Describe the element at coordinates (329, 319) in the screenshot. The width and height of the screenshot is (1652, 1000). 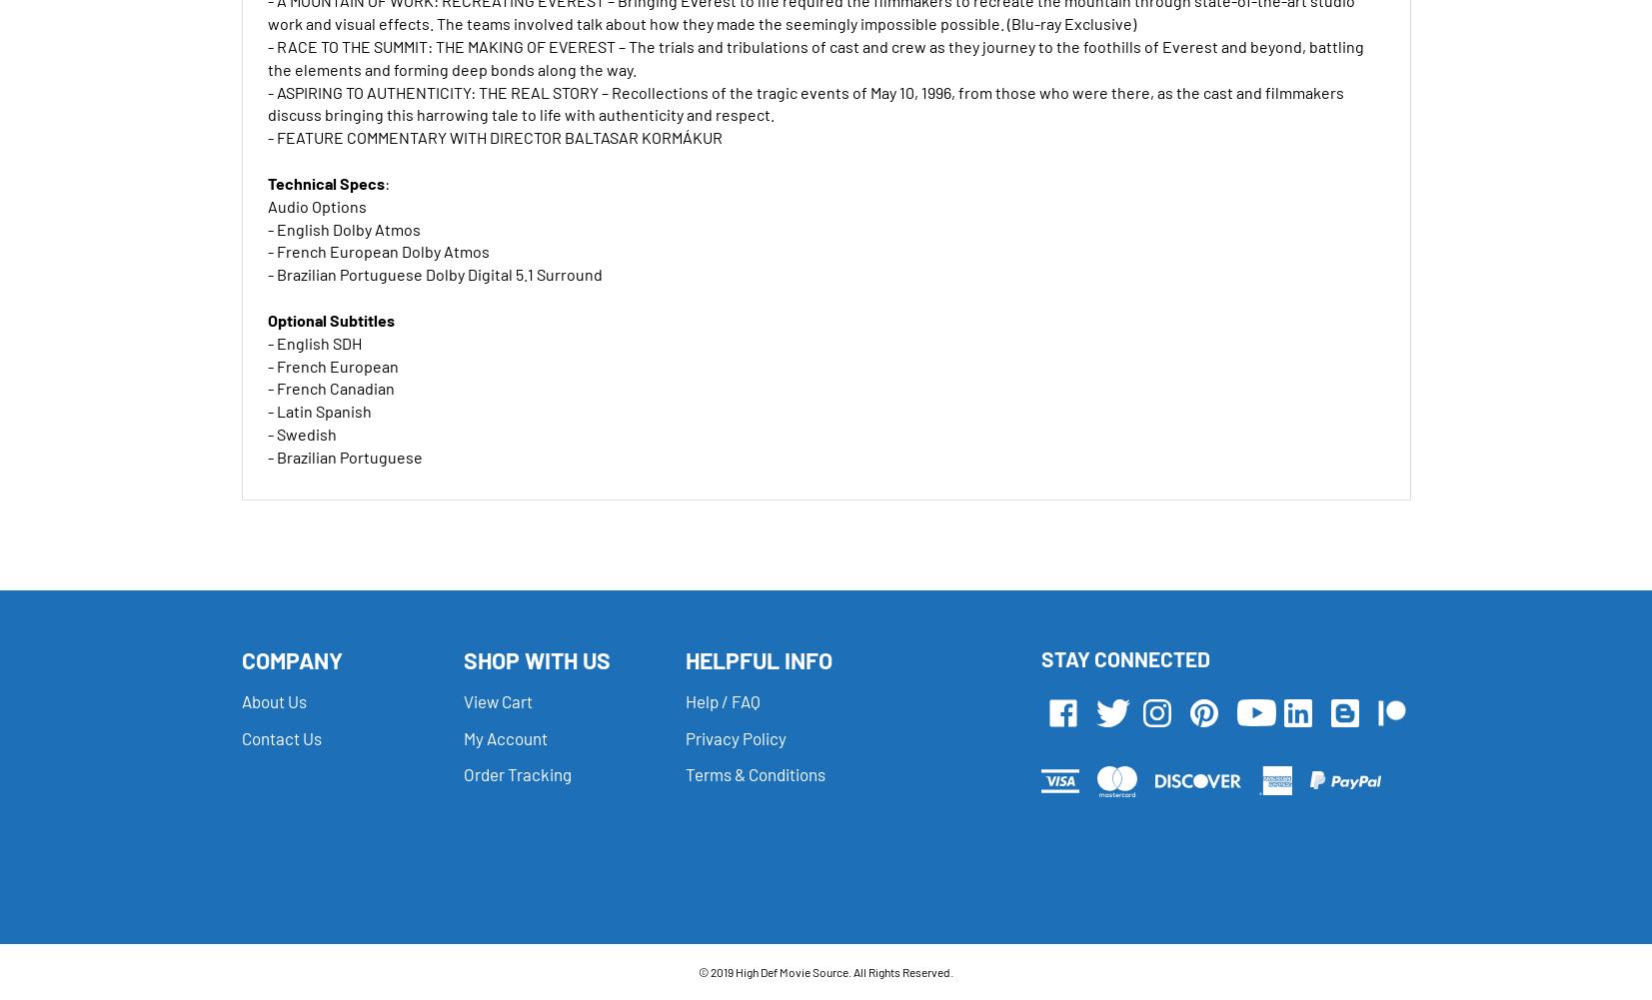
I see `'Optional Subtitles'` at that location.